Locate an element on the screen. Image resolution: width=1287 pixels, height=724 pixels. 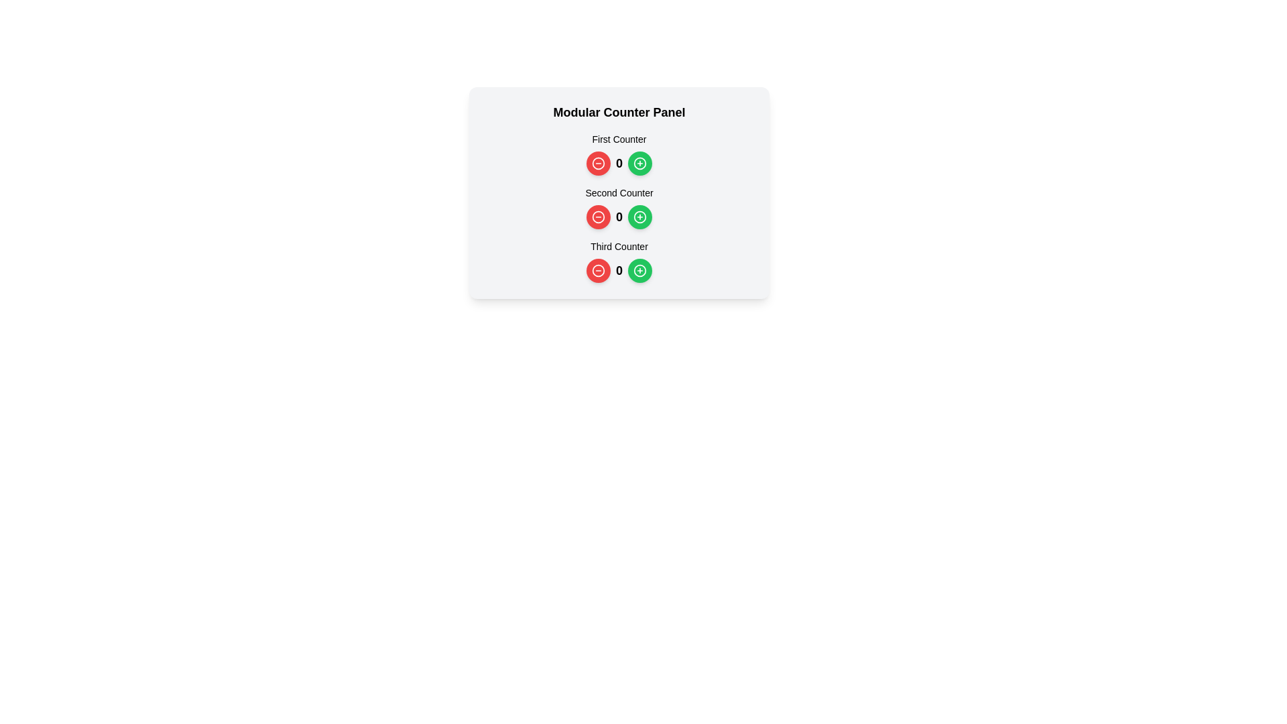
the red circular button with a white minus icon located to the left of the counter value in the Second Counter row is located at coordinates (597, 217).